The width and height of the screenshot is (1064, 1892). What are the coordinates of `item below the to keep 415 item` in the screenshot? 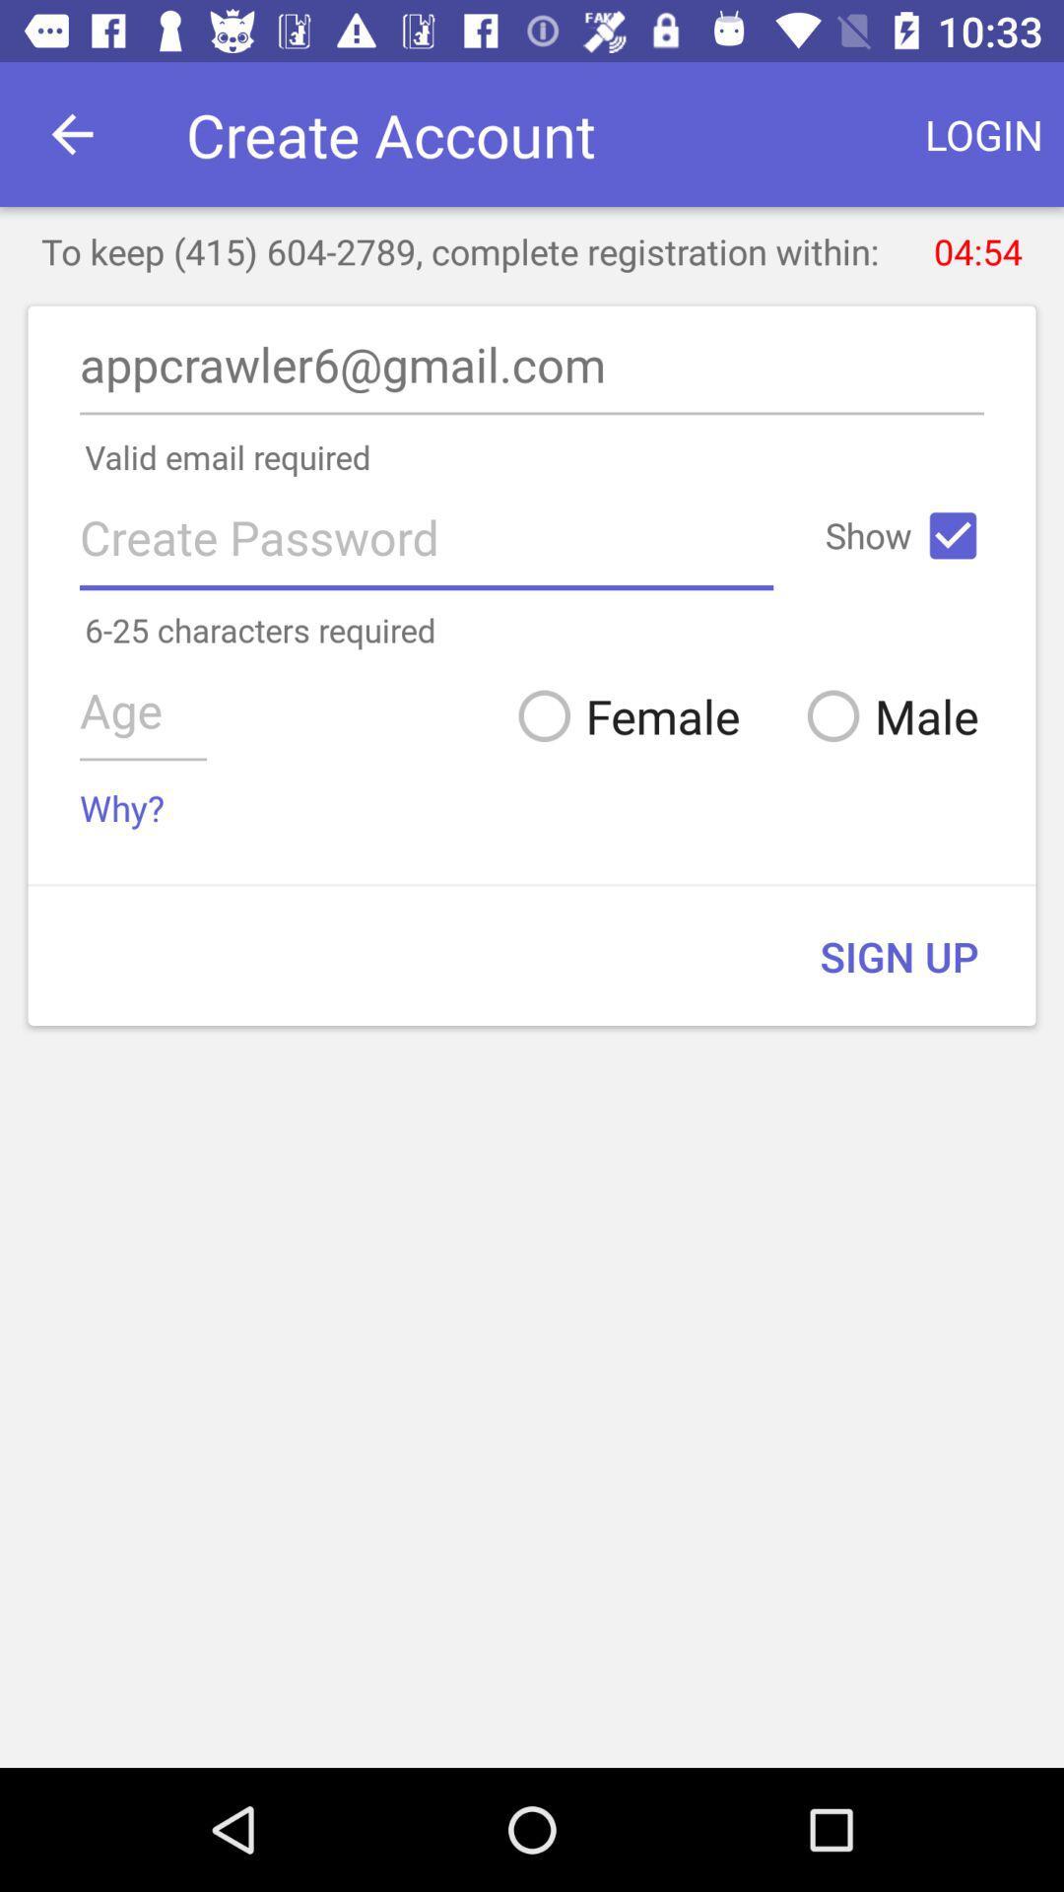 It's located at (532, 371).